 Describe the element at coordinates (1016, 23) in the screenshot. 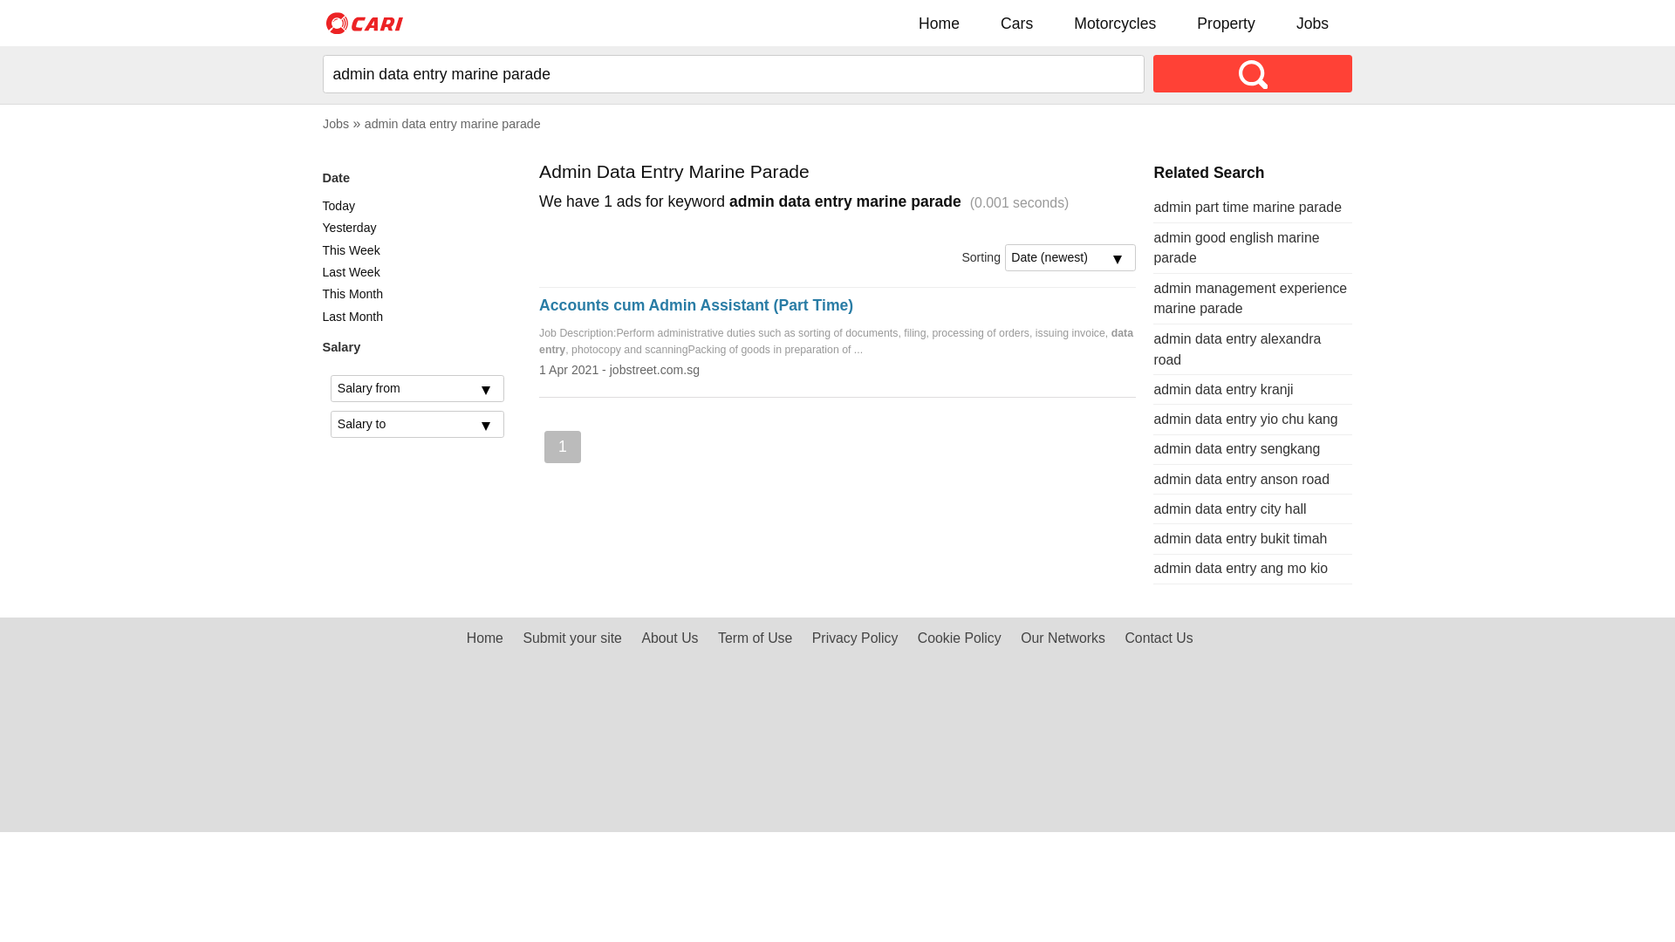

I see `'Cars'` at that location.